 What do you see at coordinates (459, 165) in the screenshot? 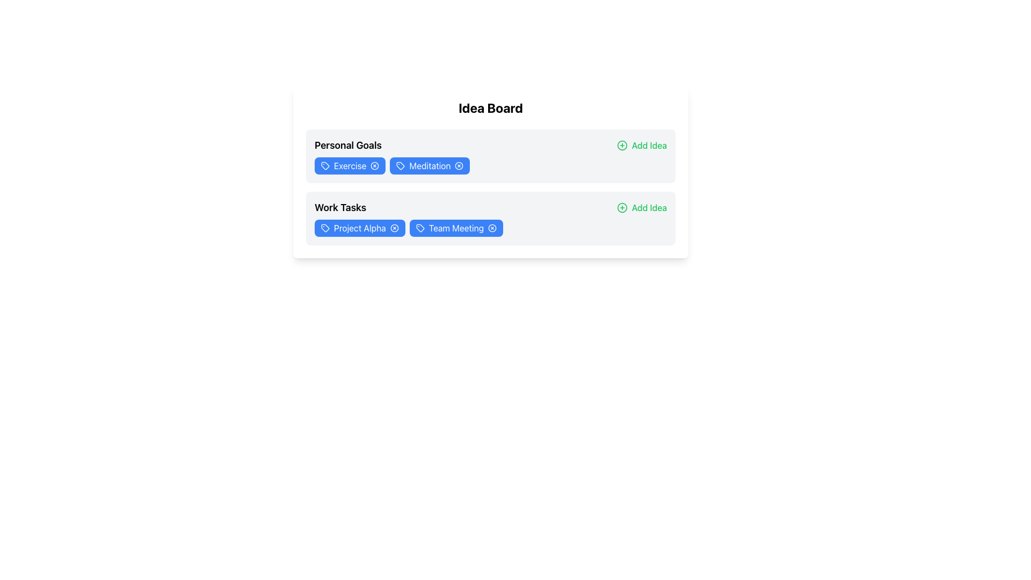
I see `the delete button associated with the 'Meditation' label` at bounding box center [459, 165].